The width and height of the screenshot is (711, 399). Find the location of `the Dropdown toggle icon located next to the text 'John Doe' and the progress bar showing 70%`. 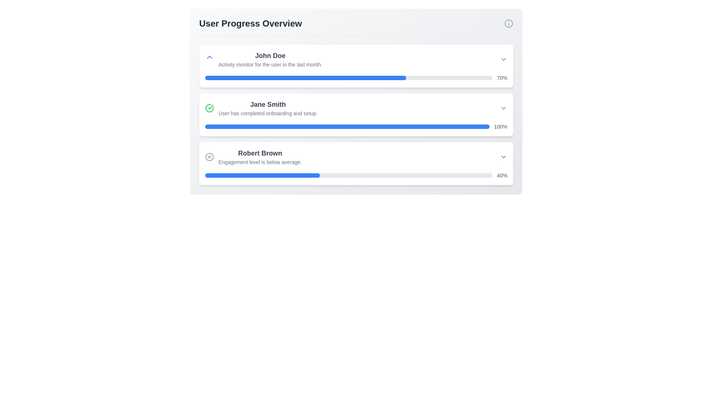

the Dropdown toggle icon located next to the text 'John Doe' and the progress bar showing 70% is located at coordinates (503, 59).